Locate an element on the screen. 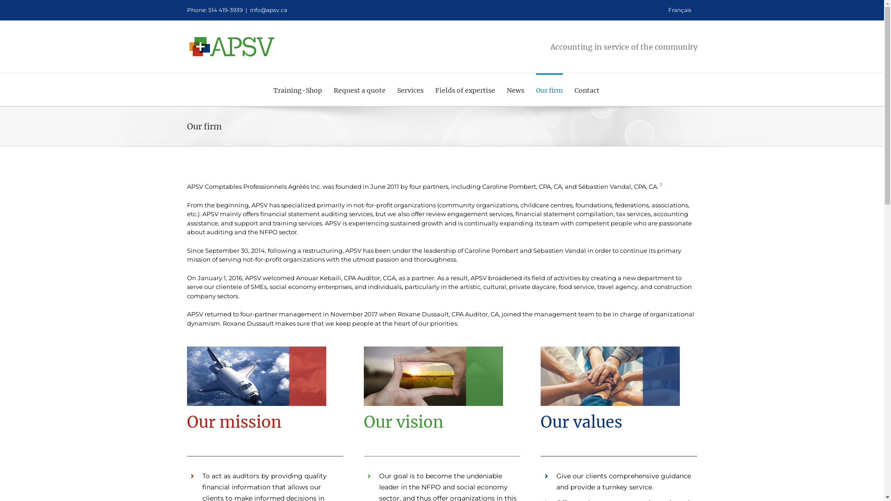 The height and width of the screenshot is (501, 891). 'info@apsv.ca' is located at coordinates (267, 10).